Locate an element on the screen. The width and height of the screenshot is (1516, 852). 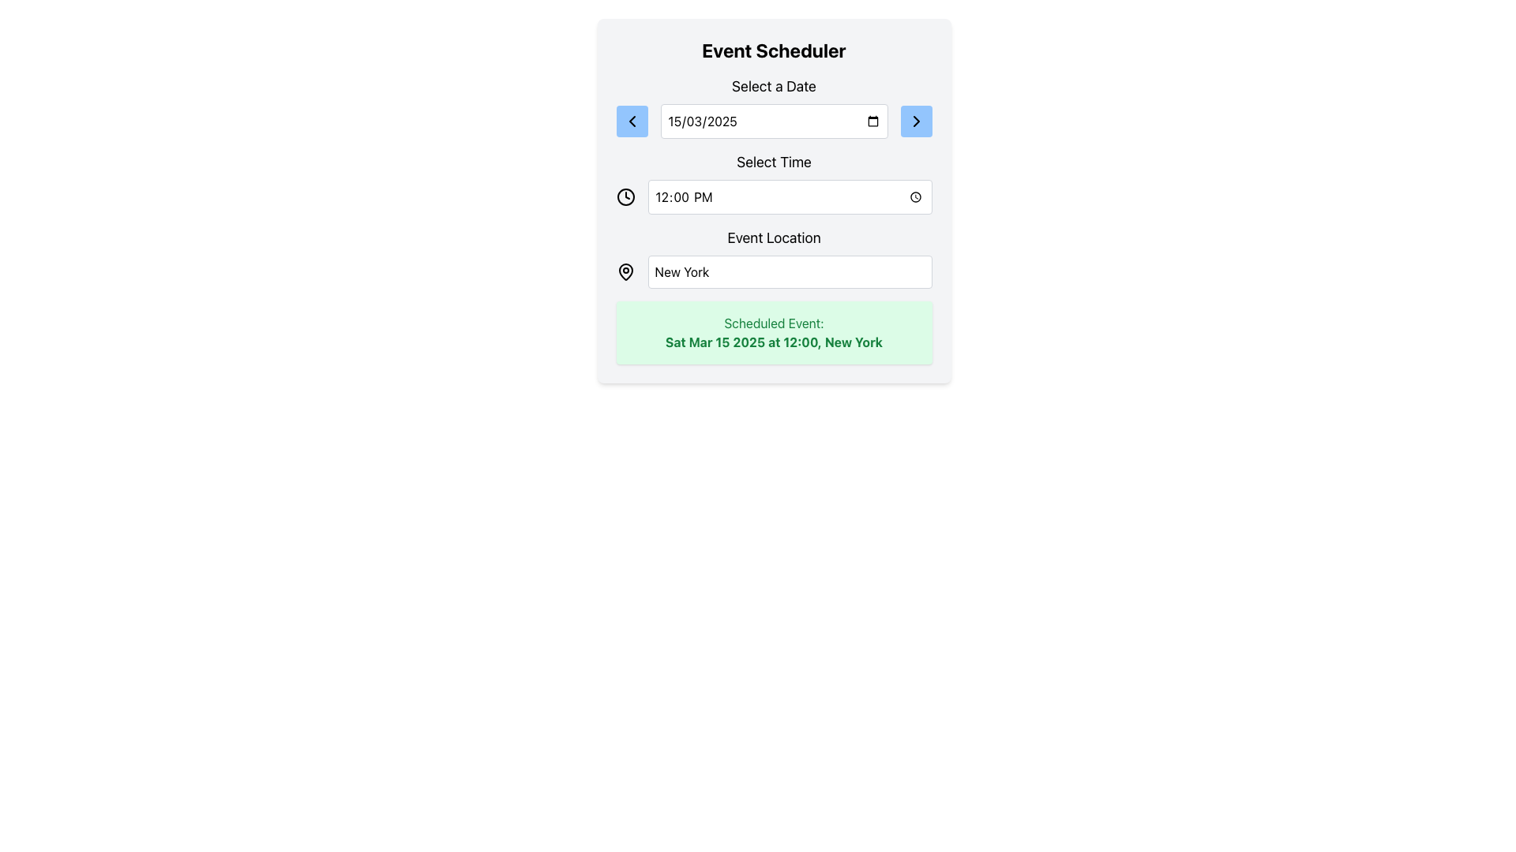
the Icon (Location Marker) which is located to the left of the 'Event Location' text input box in the middle section of the scheduler interface is located at coordinates (625, 271).